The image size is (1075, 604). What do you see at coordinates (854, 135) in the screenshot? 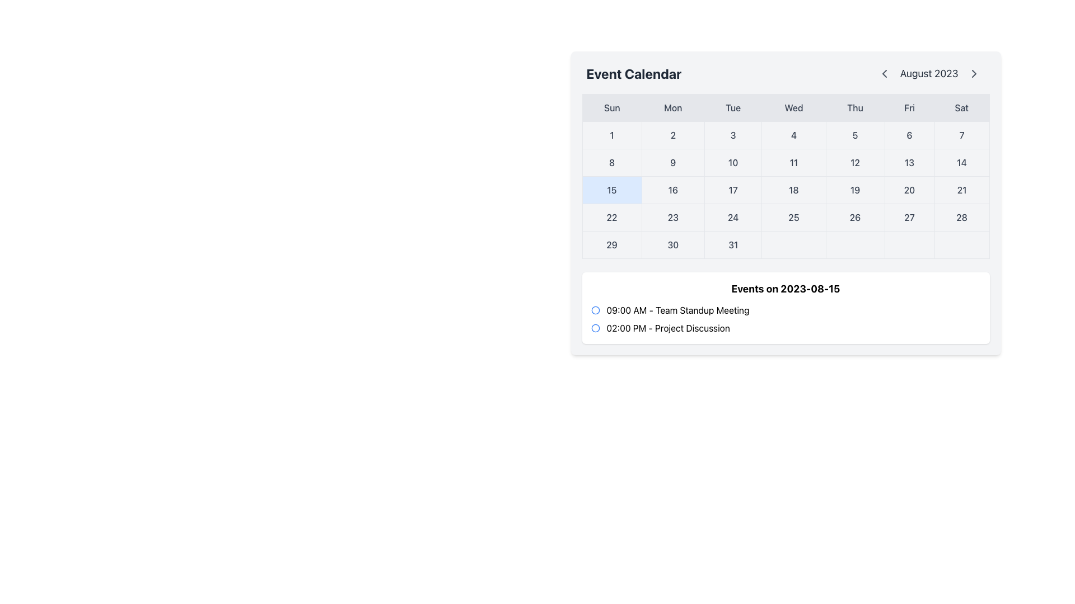
I see `the clickable day cell displaying the number '5' in the calendar grid` at bounding box center [854, 135].